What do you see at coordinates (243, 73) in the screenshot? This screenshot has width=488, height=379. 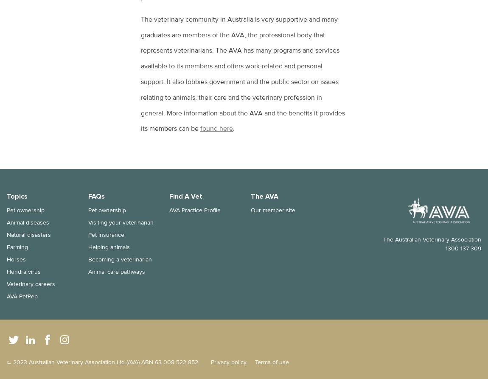 I see `'The veterinary community in Australia is very supportive and many graduates are members of the AVA, the professional body that represents veterinarians. The AVA has many programs and services available to its members and offers work-related and personal support. It also lobbies government and the public sector on issues relating to animals, their care and the veterinary profession in general. More information about the AVA and the benefits it provides its members can be'` at bounding box center [243, 73].